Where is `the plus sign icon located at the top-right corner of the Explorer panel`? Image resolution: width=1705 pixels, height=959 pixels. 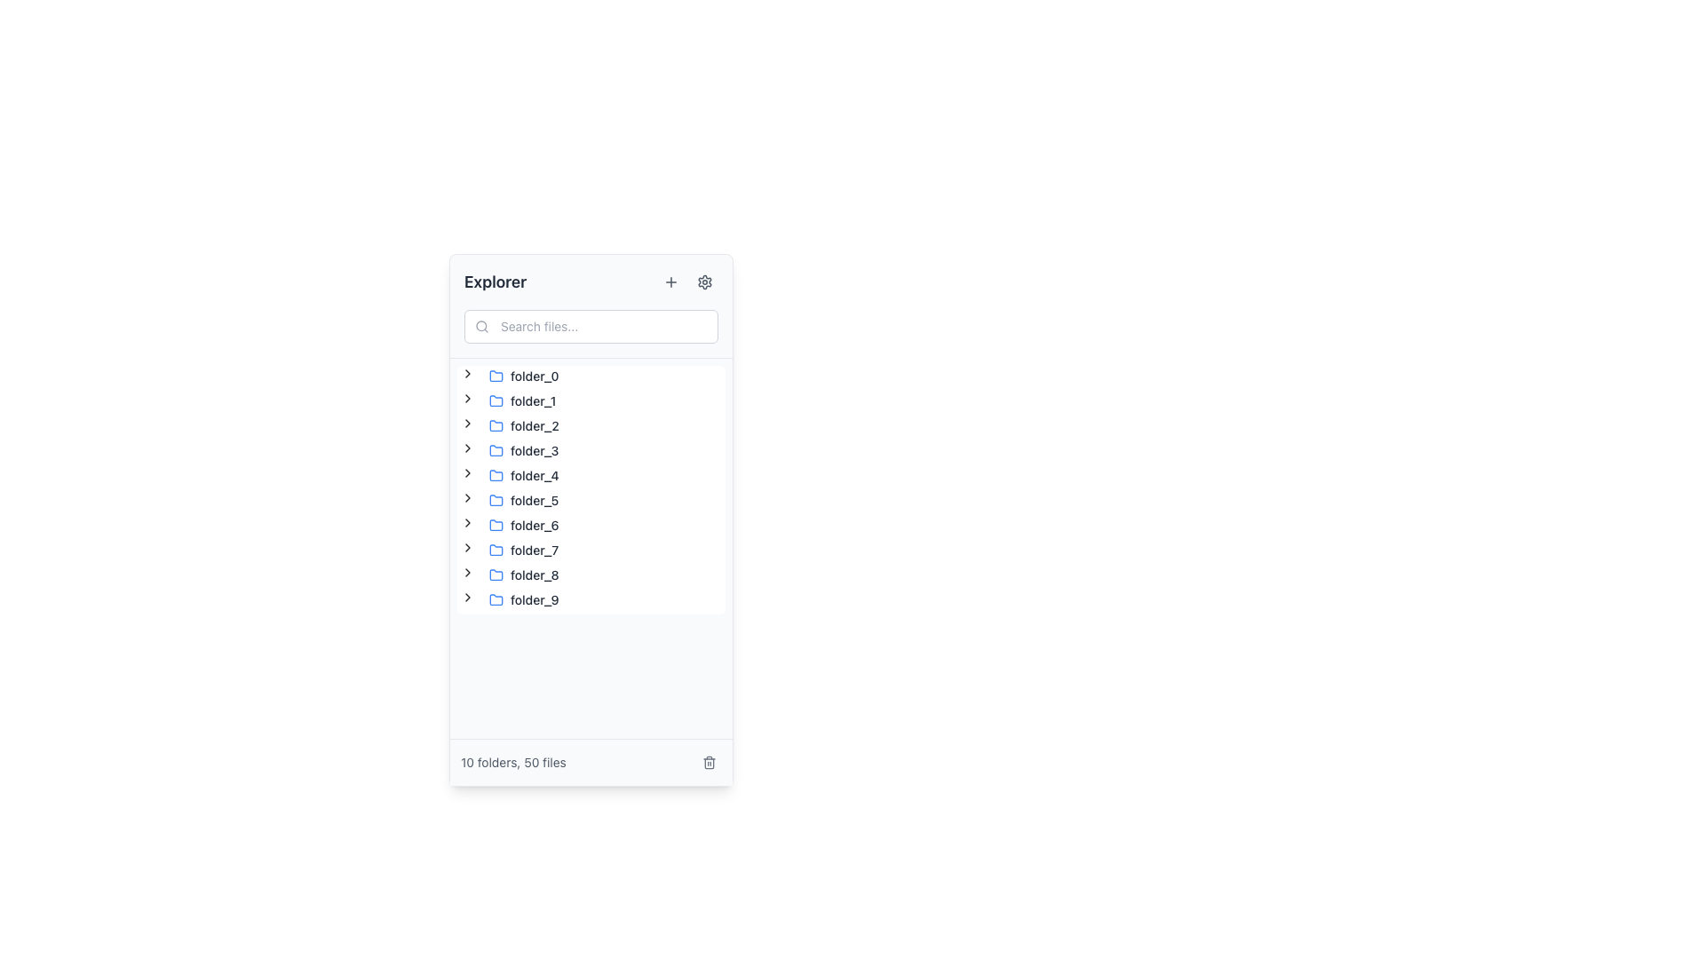
the plus sign icon located at the top-right corner of the Explorer panel is located at coordinates (670, 281).